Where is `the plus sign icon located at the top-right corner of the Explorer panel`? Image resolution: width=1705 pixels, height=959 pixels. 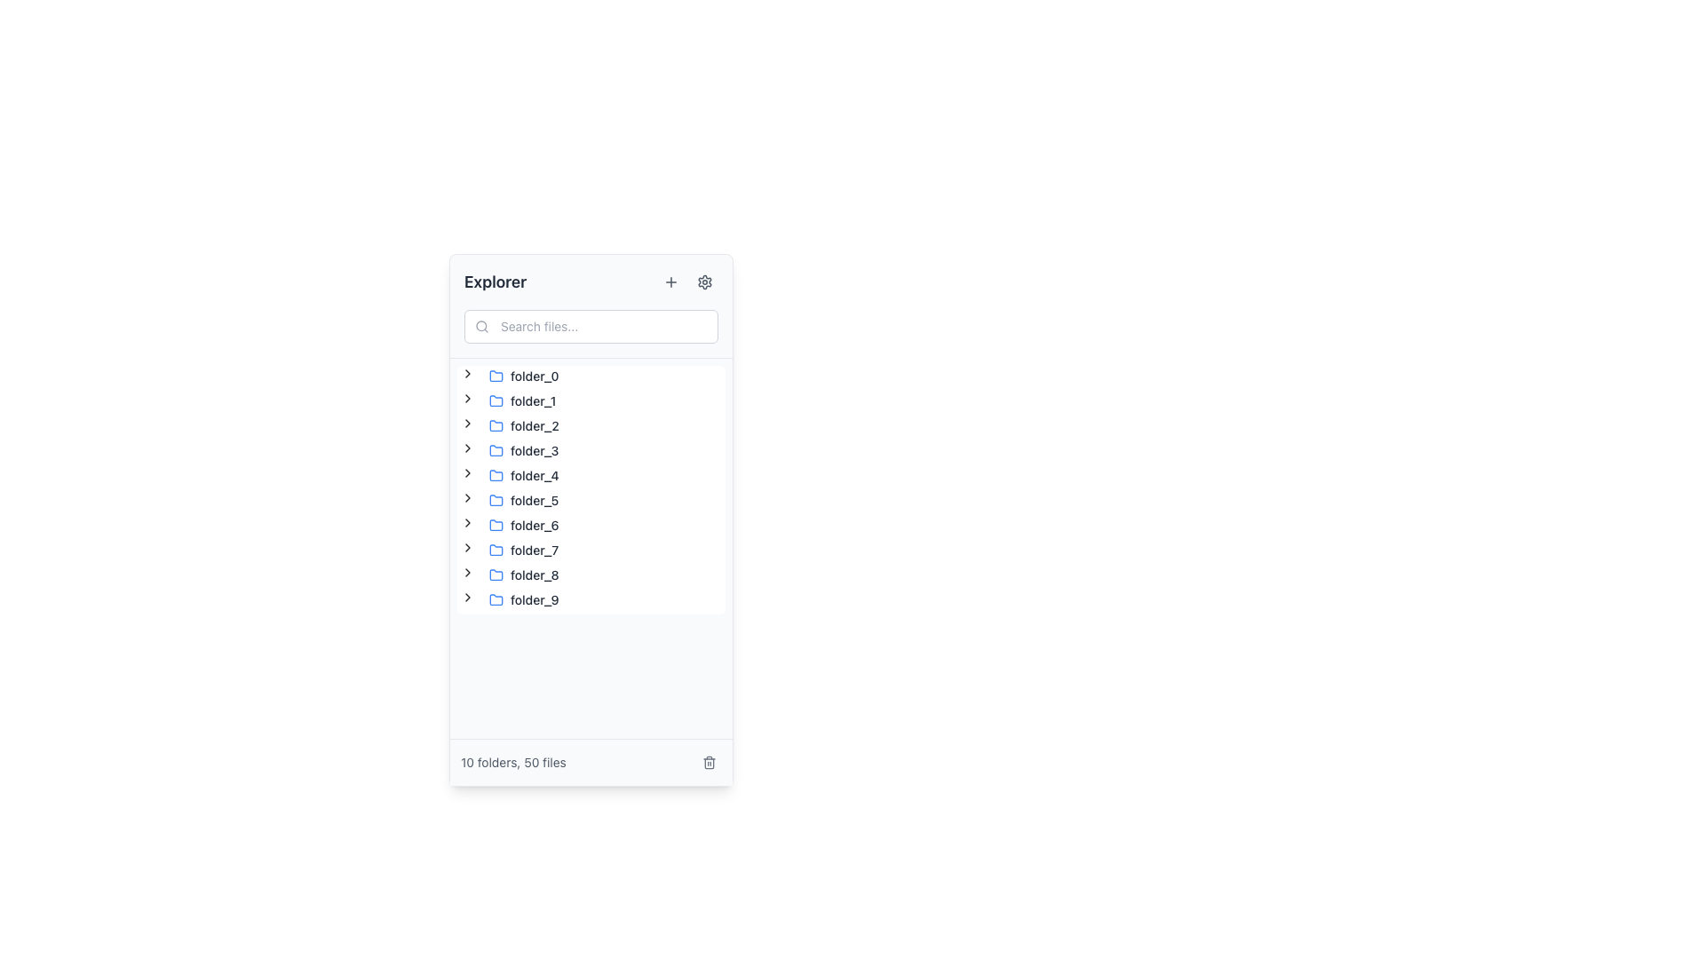
the plus sign icon located at the top-right corner of the Explorer panel is located at coordinates (670, 281).